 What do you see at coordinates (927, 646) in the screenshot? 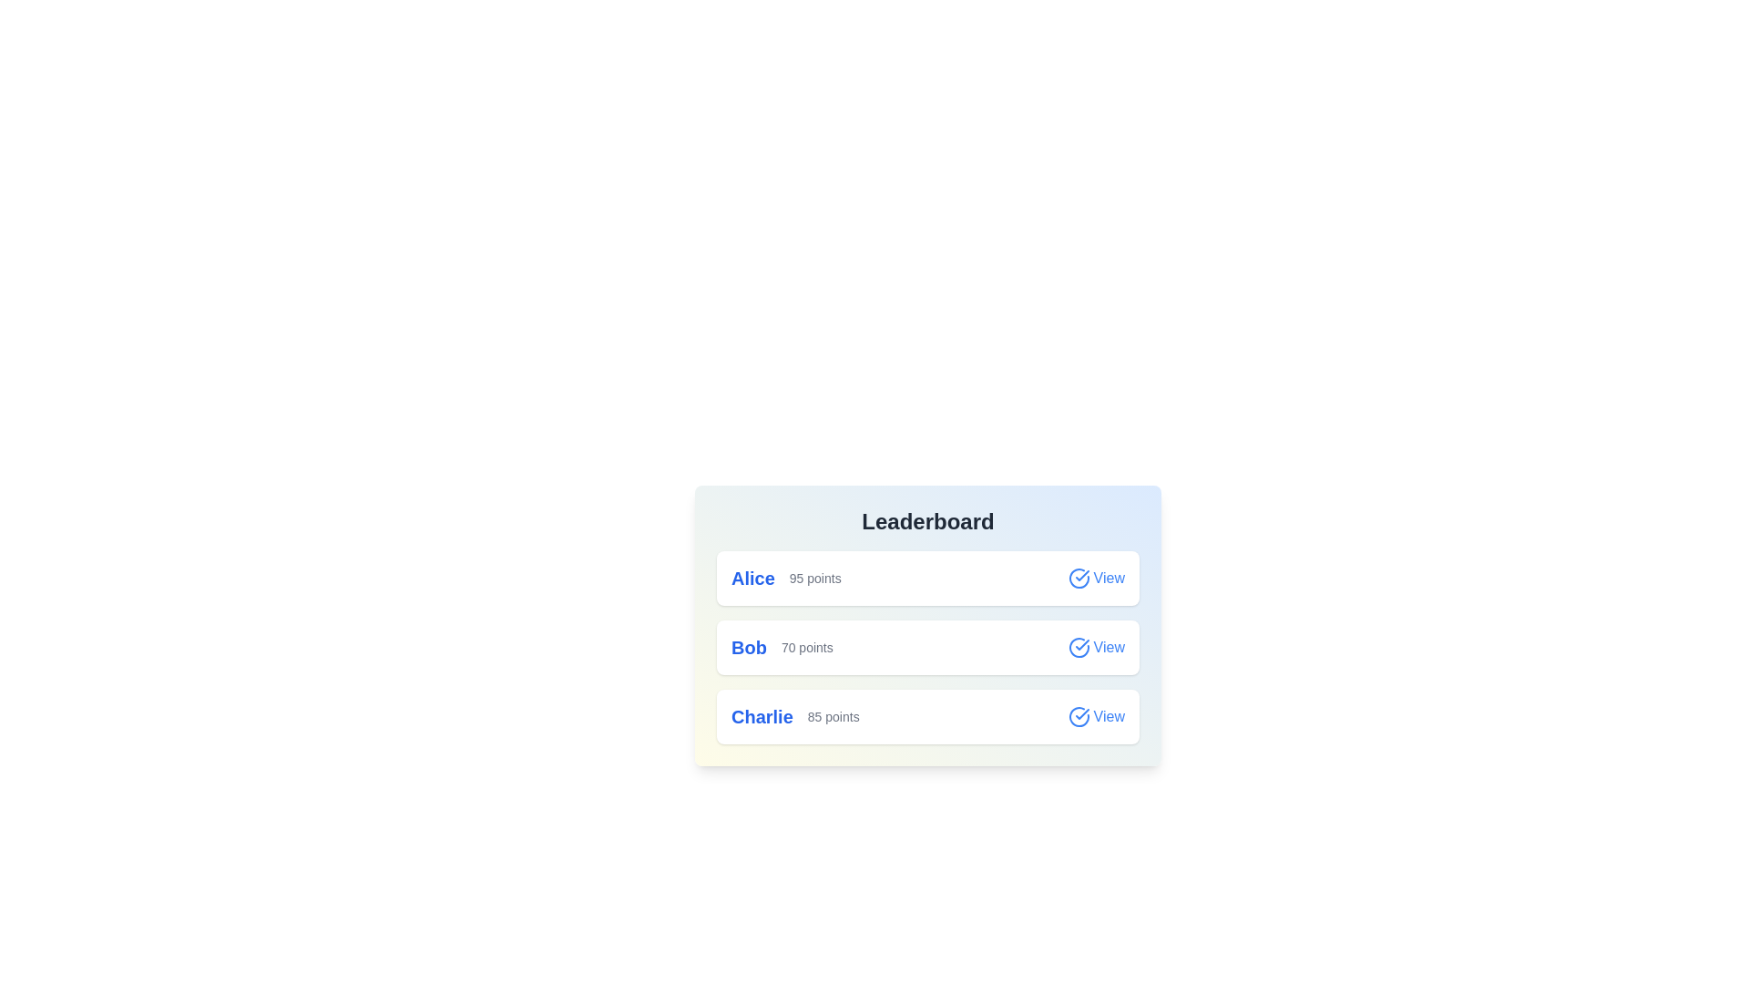
I see `the card of participant Bob to observe the scaling effect` at bounding box center [927, 646].